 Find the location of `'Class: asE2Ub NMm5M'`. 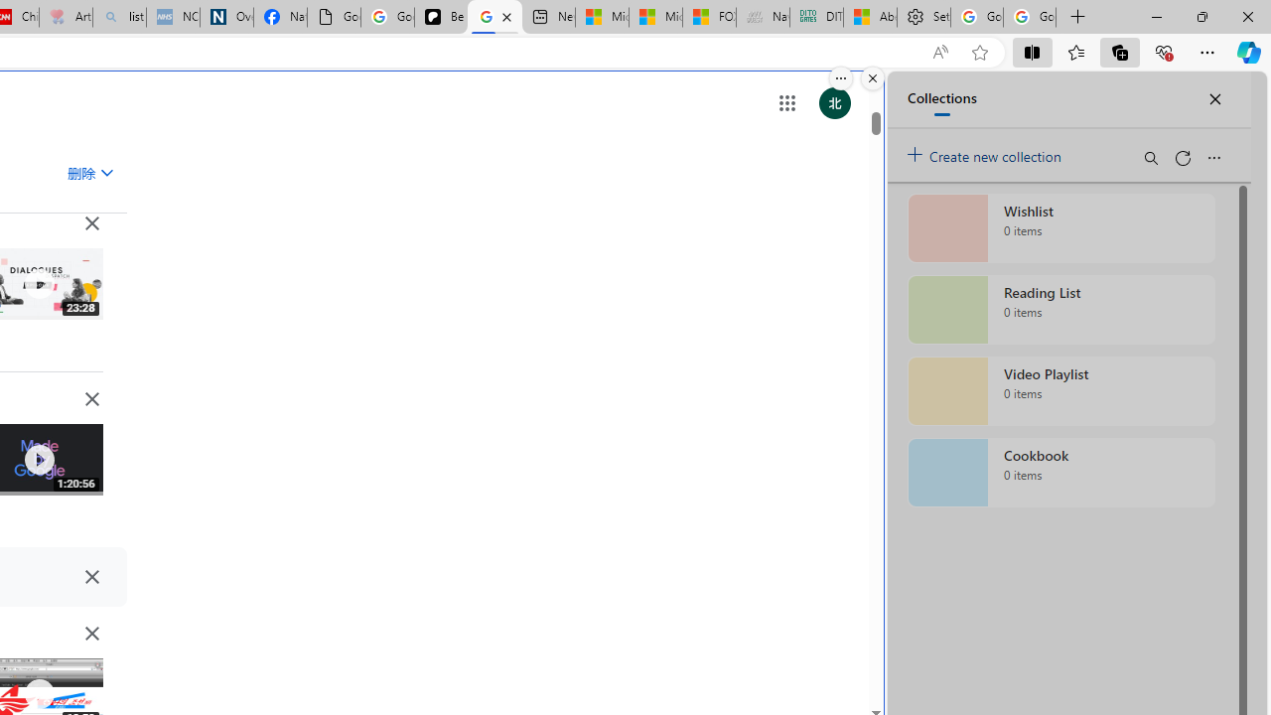

'Class: asE2Ub NMm5M' is located at coordinates (105, 171).